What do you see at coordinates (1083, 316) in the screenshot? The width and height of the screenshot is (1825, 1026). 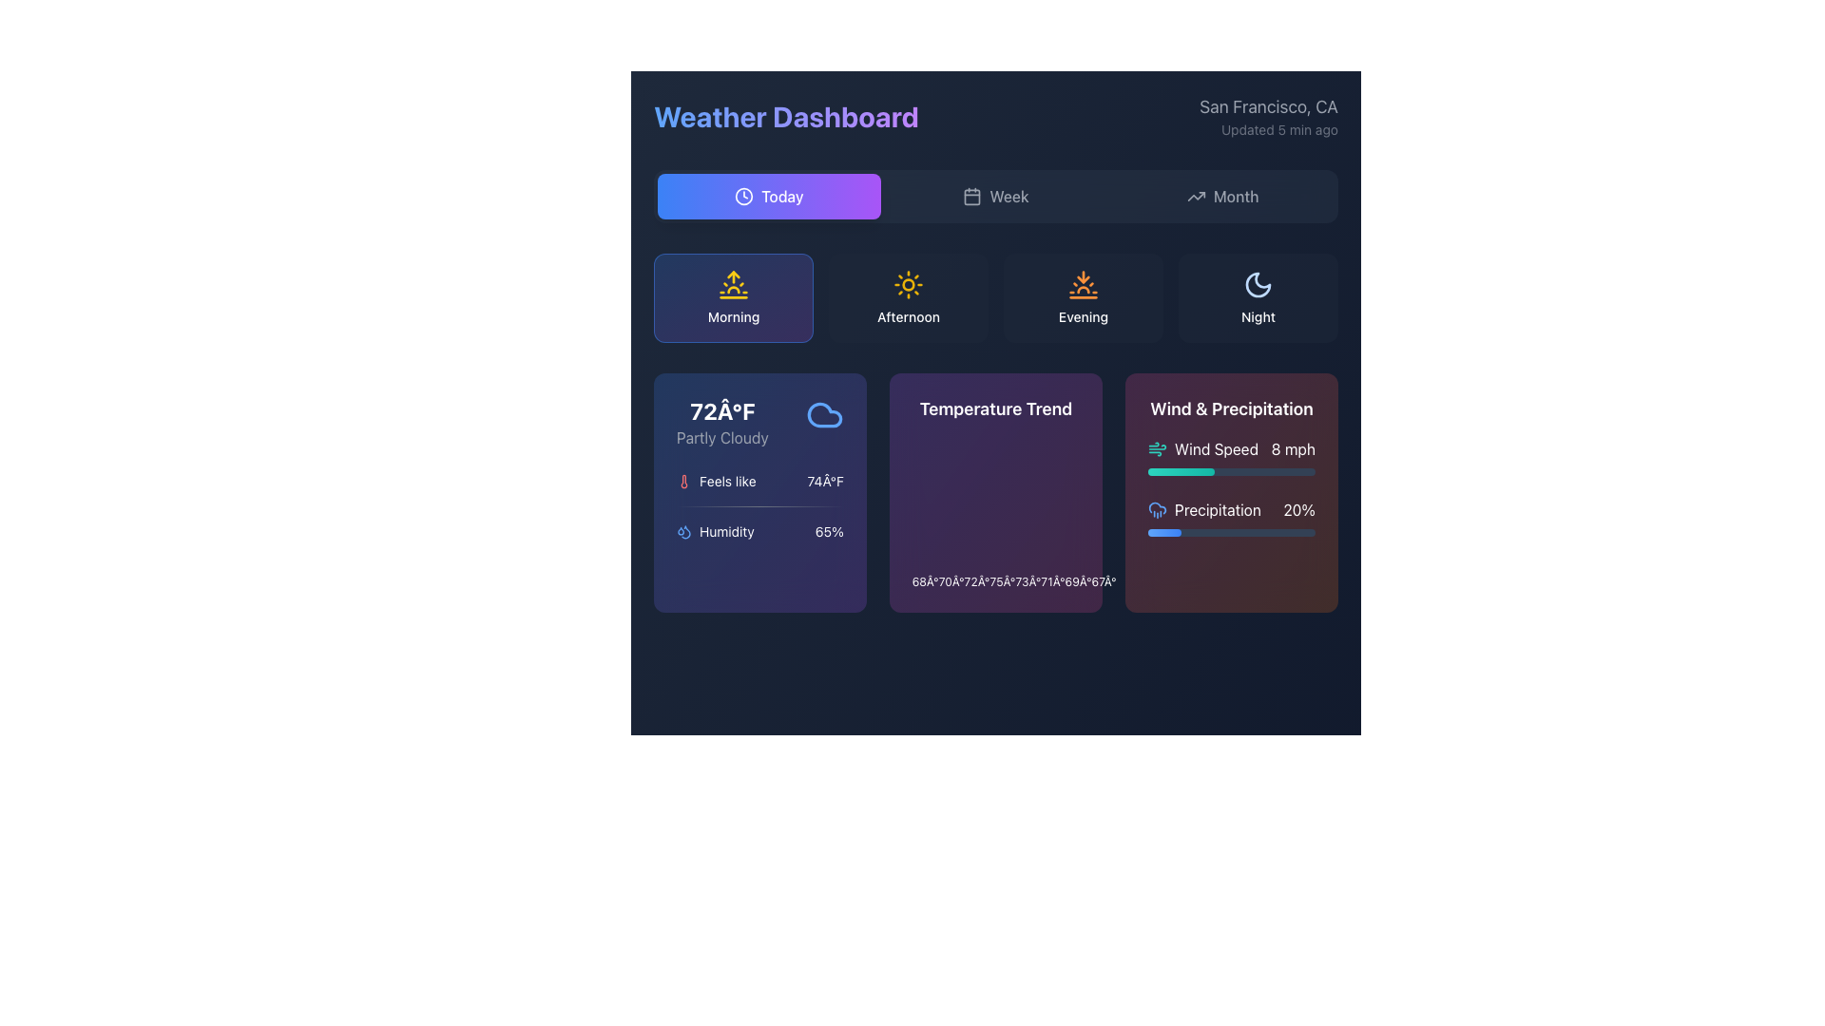 I see `the text label displaying 'Evening', which is a medium-sized white font on a dark background, located in the top section of the weather dashboard` at bounding box center [1083, 316].